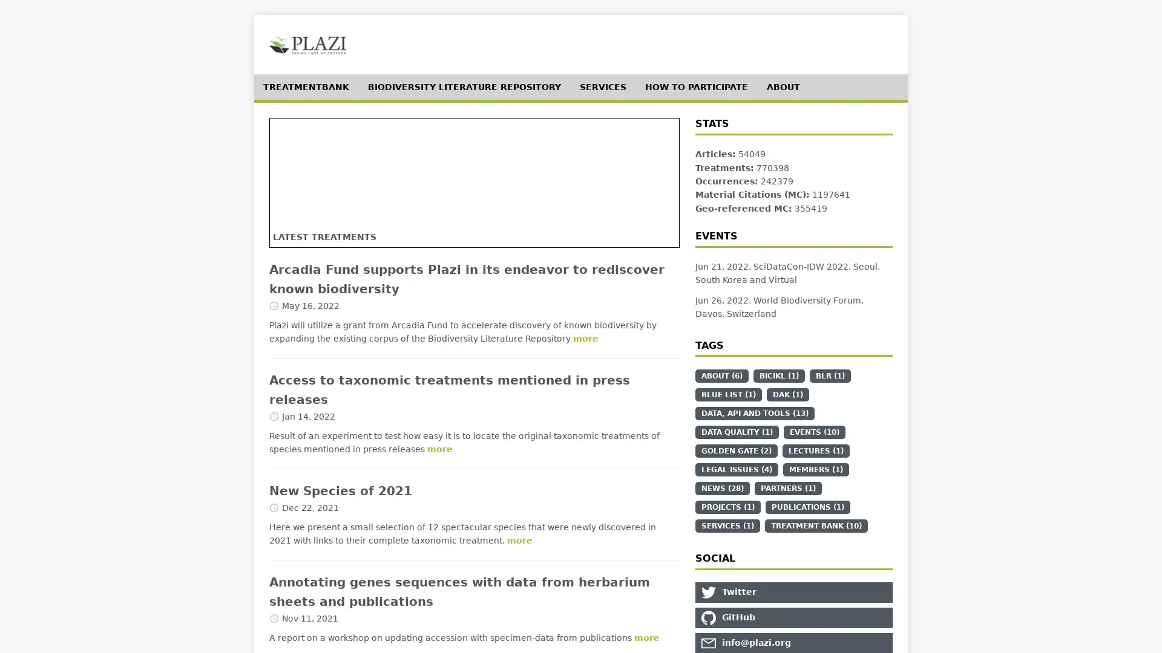 This screenshot has width=1162, height=653. Describe the element at coordinates (289, 137) in the screenshot. I see `Zoom in` at that location.